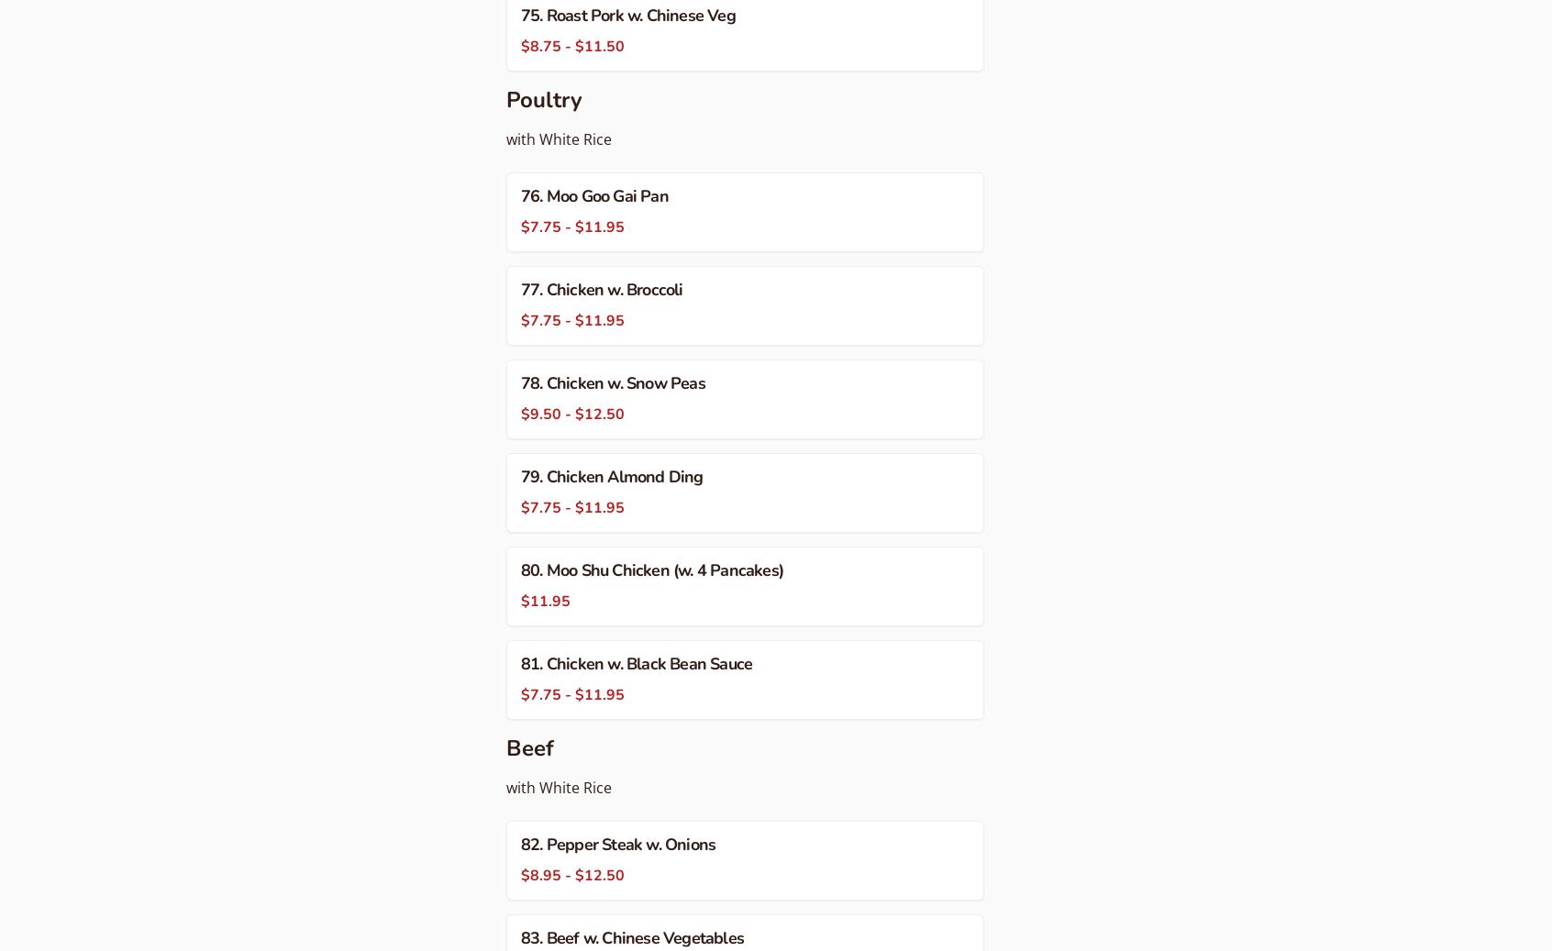  Describe the element at coordinates (594, 195) in the screenshot. I see `'76. Moo Goo Gai Pan'` at that location.